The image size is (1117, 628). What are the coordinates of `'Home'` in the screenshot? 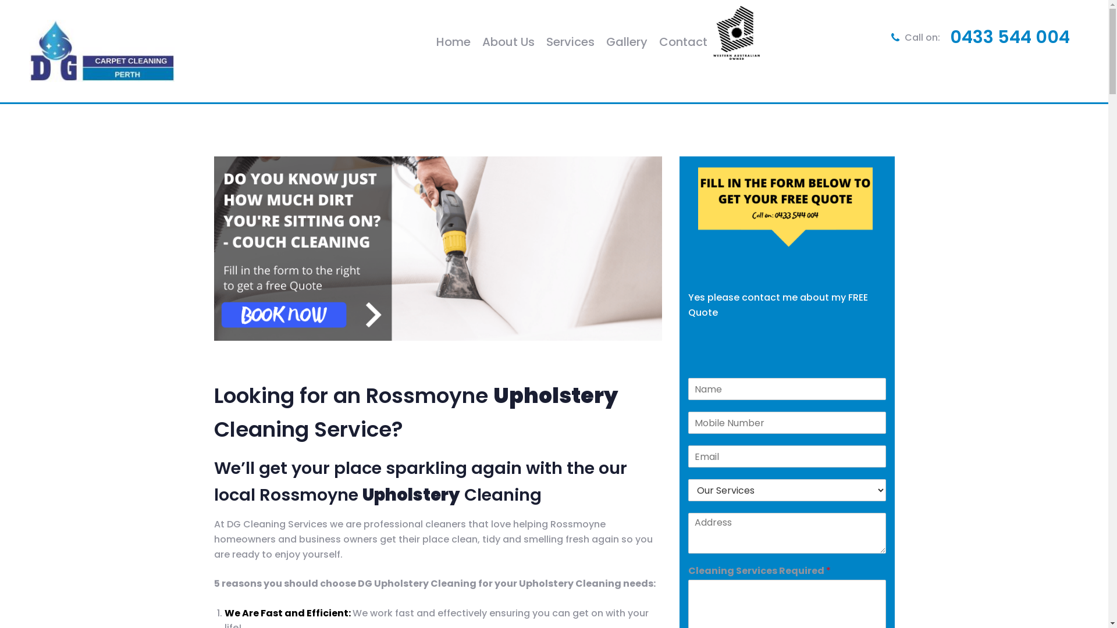 It's located at (453, 41).